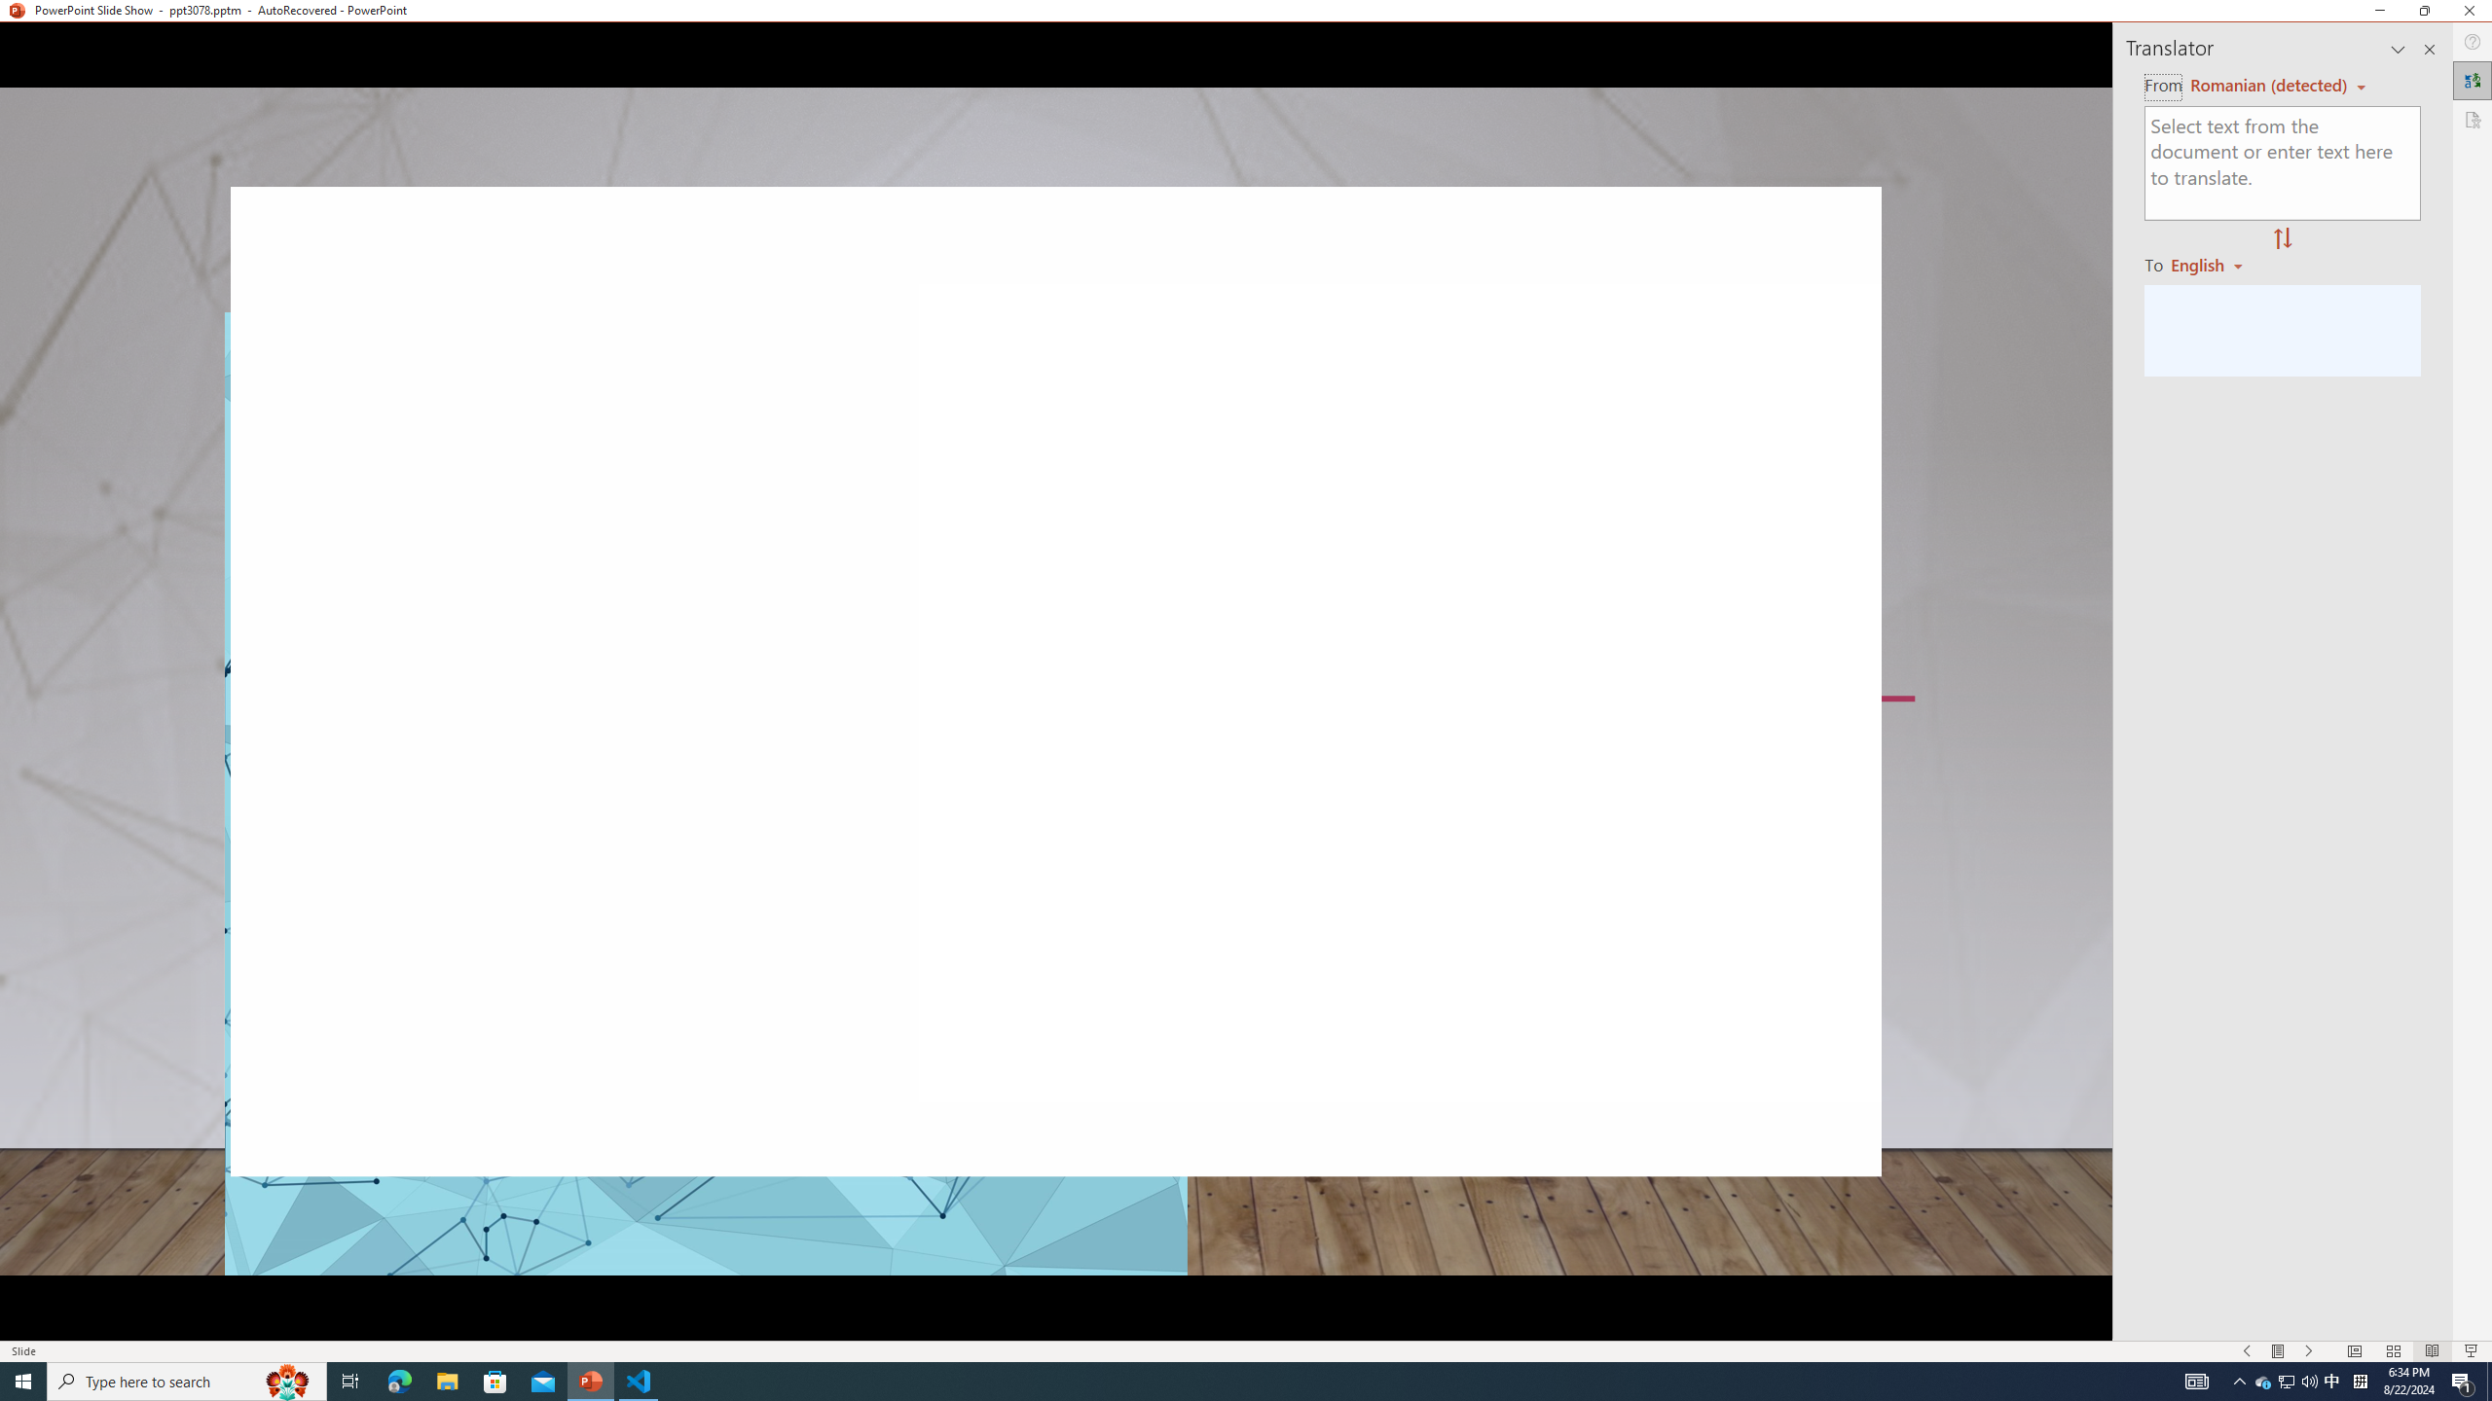  What do you see at coordinates (2309, 1351) in the screenshot?
I see `'Slide Show Next On'` at bounding box center [2309, 1351].